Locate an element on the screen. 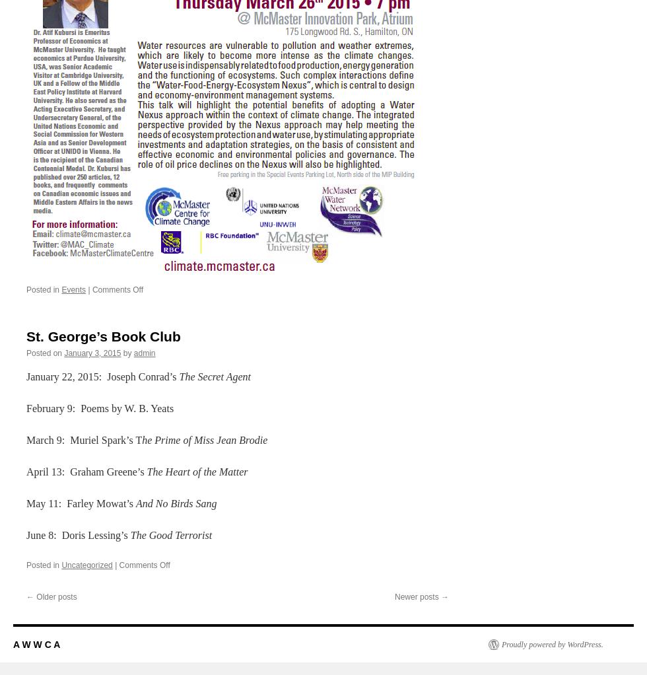 The image size is (647, 675). 'March 9:  Muriel Spark’s T' is located at coordinates (26, 439).